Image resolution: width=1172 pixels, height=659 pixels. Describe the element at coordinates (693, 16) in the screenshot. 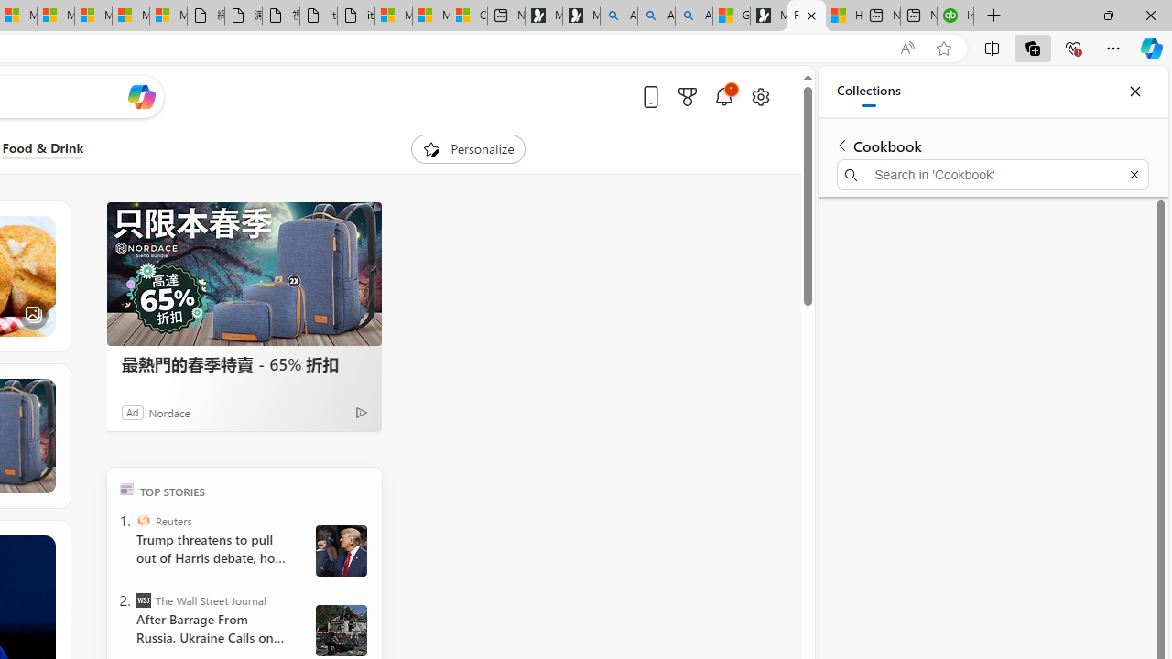

I see `'Alabama high school quarterback dies - Search Videos'` at that location.